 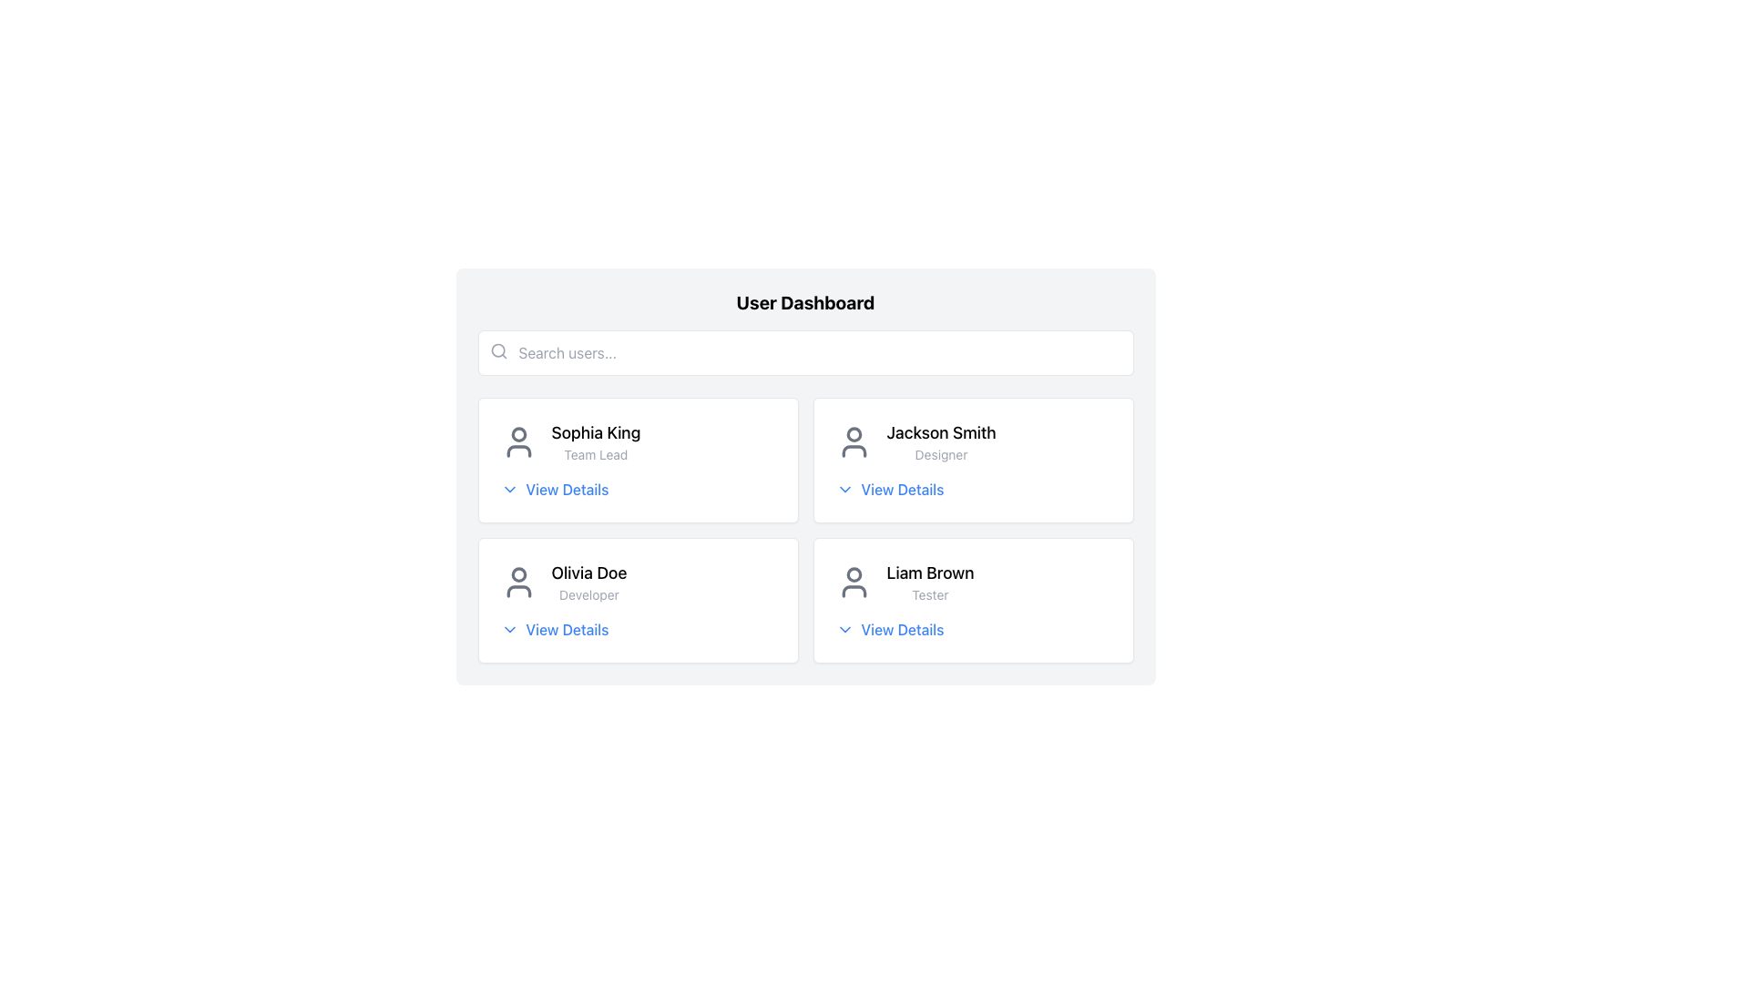 What do you see at coordinates (517, 583) in the screenshot?
I see `the user identification icon for 'Olivia Doe'` at bounding box center [517, 583].